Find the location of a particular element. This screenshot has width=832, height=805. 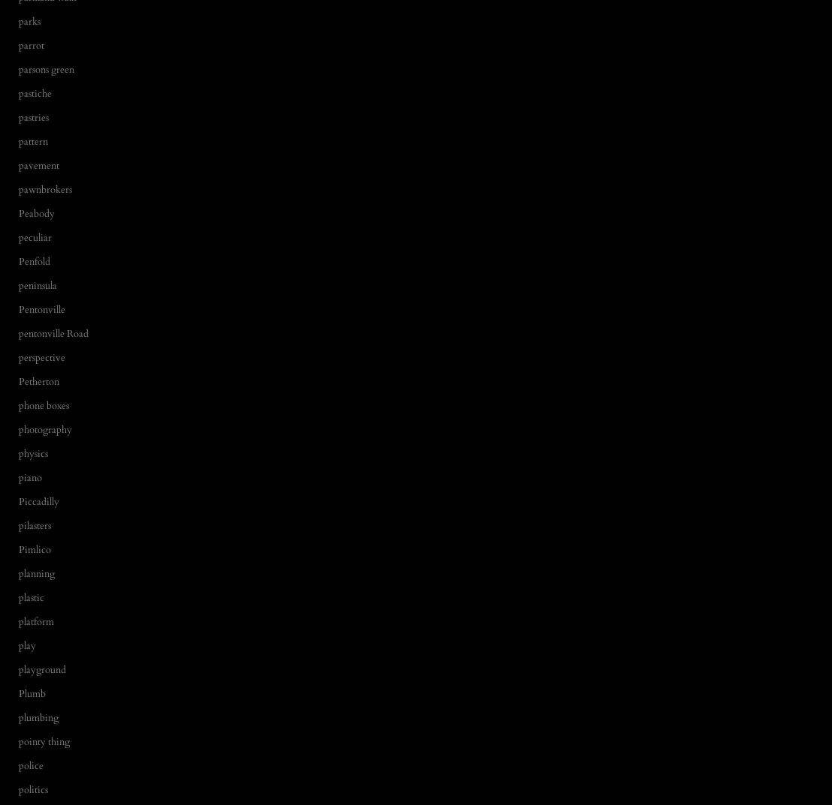

'parsons green' is located at coordinates (46, 68).